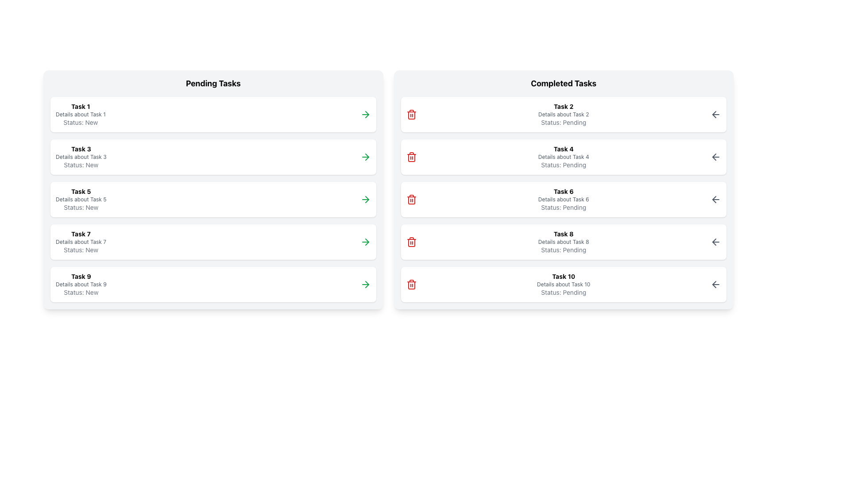 This screenshot has width=850, height=478. I want to click on the red trash icon located, so click(411, 114).